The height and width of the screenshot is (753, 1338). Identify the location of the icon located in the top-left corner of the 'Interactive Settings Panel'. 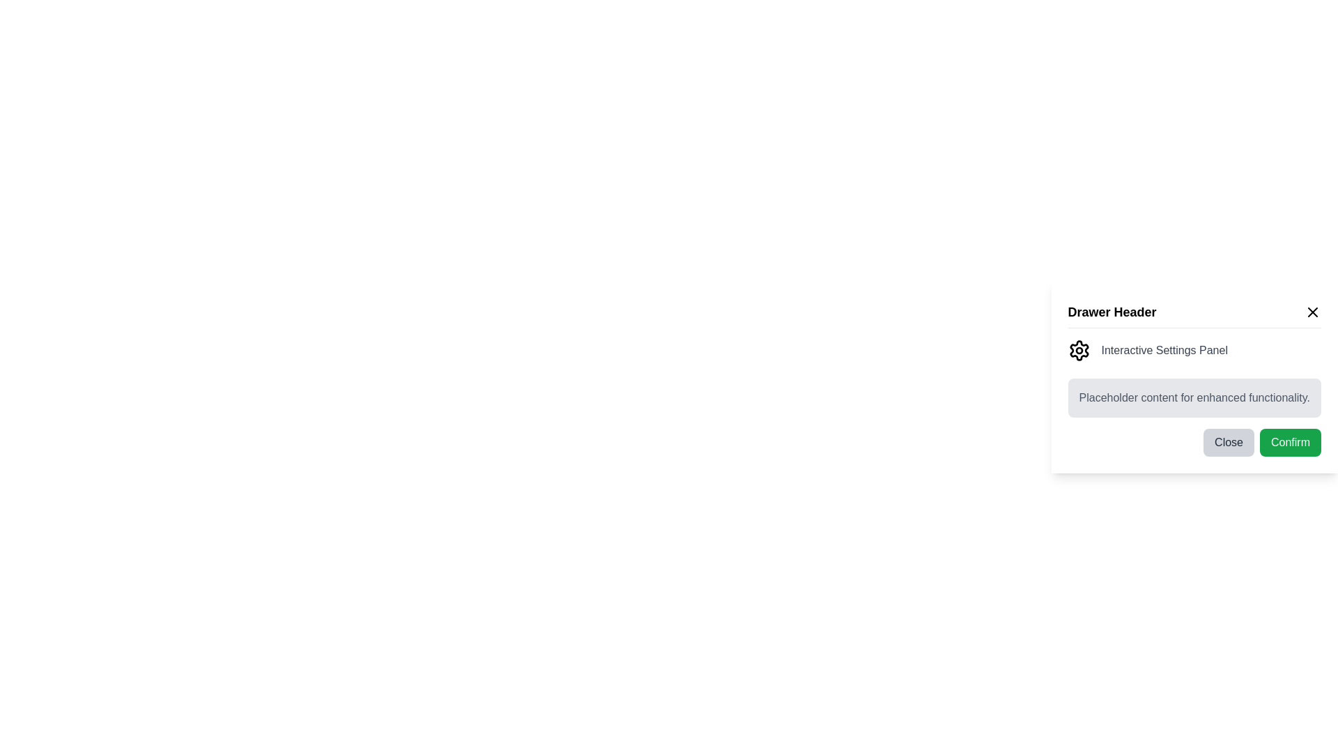
(1078, 349).